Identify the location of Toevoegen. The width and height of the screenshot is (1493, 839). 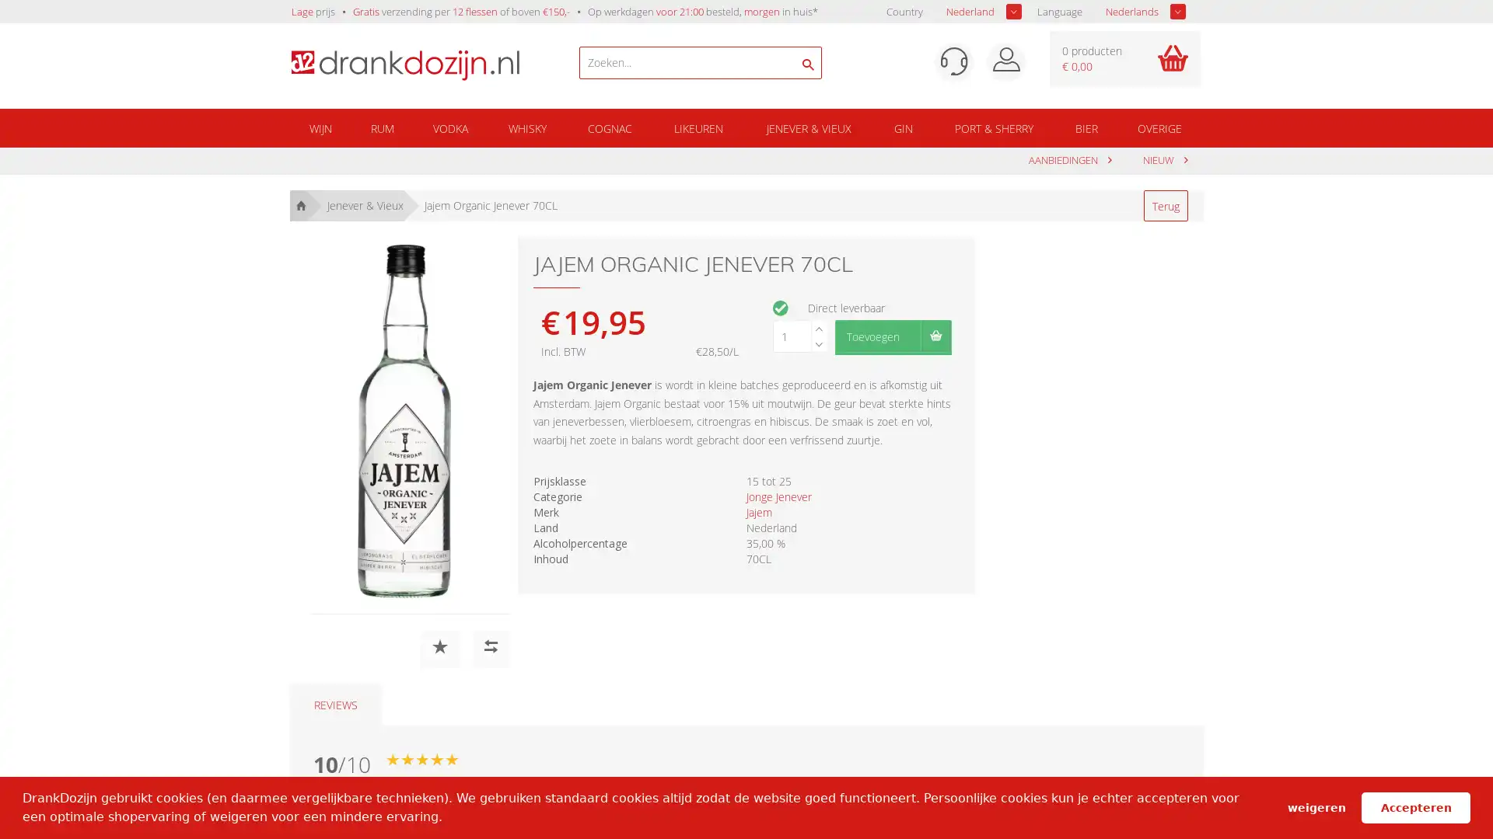
(892, 335).